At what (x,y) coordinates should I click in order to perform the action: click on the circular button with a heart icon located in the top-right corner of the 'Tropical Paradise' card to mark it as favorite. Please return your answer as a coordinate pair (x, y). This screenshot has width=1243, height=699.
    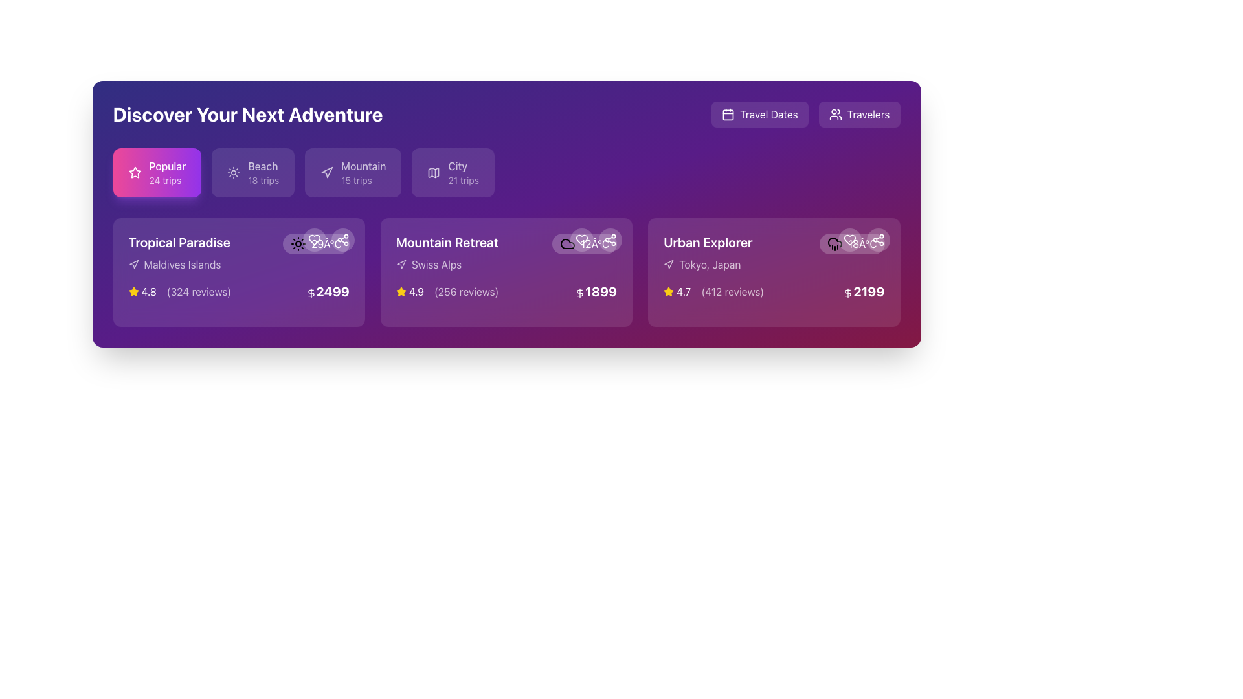
    Looking at the image, I should click on (314, 239).